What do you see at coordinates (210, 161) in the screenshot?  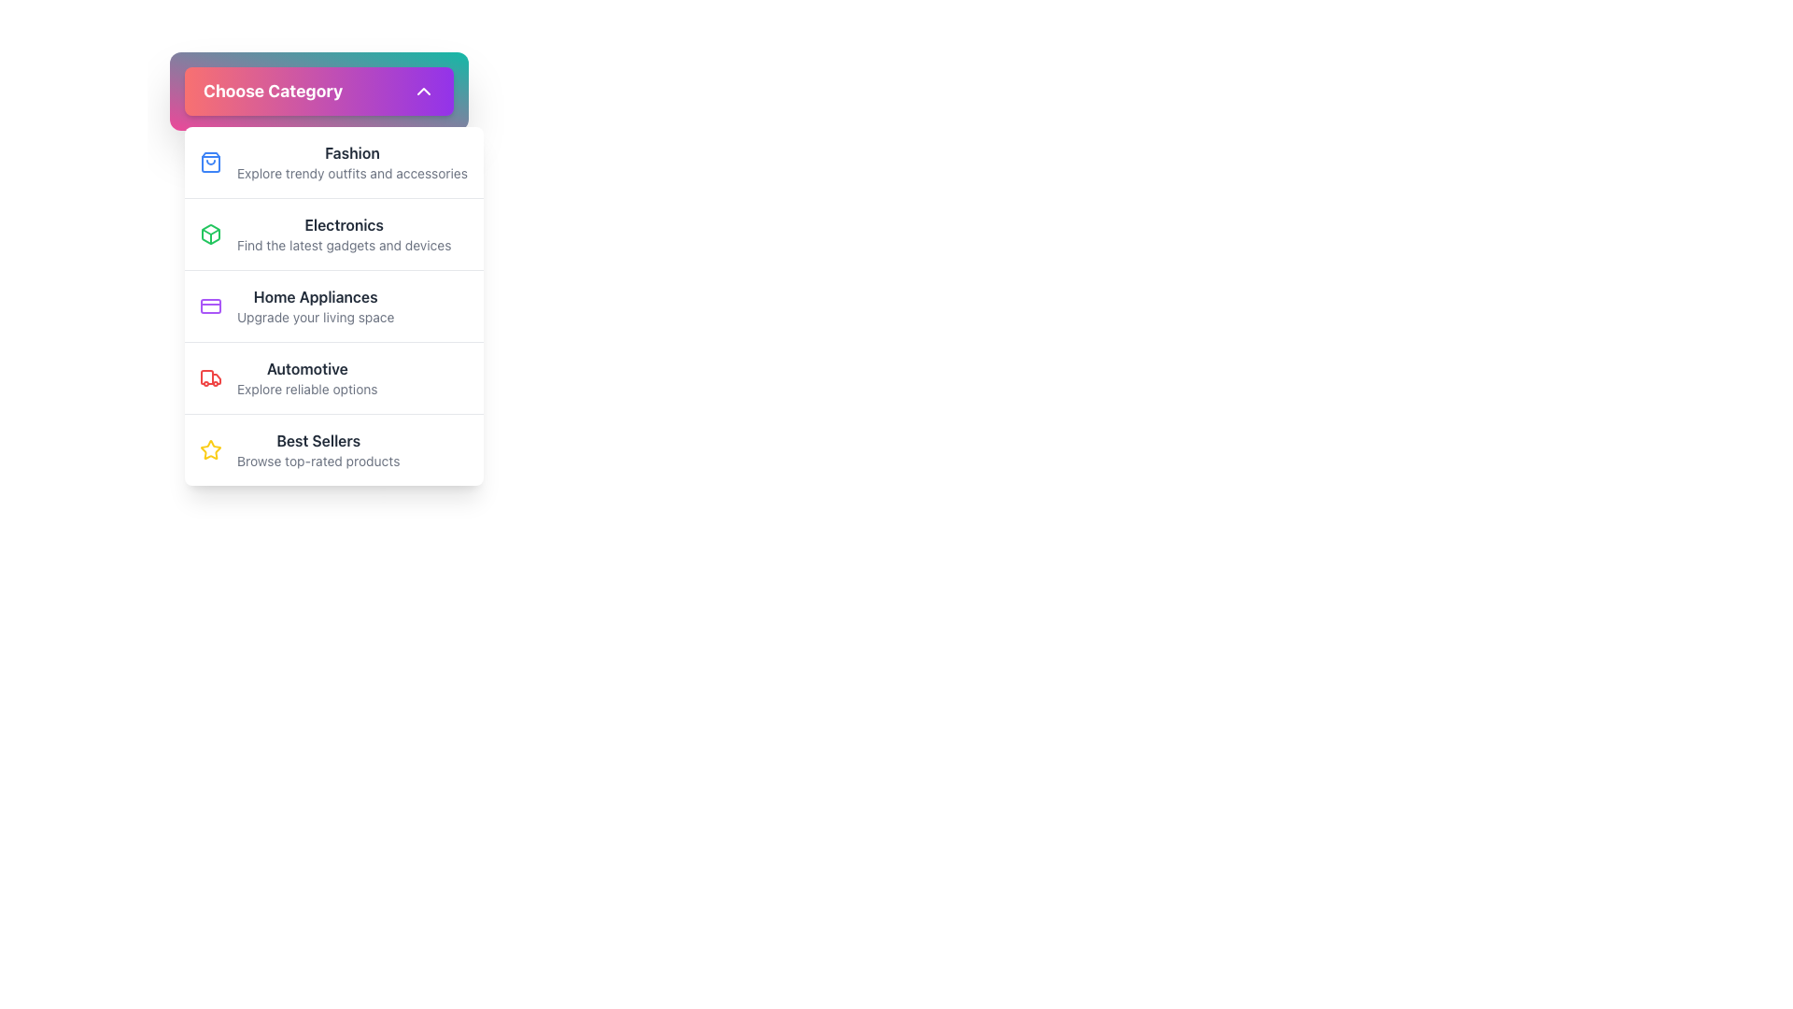 I see `the 'Fashion' category icon in the dropdown menu, which is the first icon representing the Fashion section` at bounding box center [210, 161].